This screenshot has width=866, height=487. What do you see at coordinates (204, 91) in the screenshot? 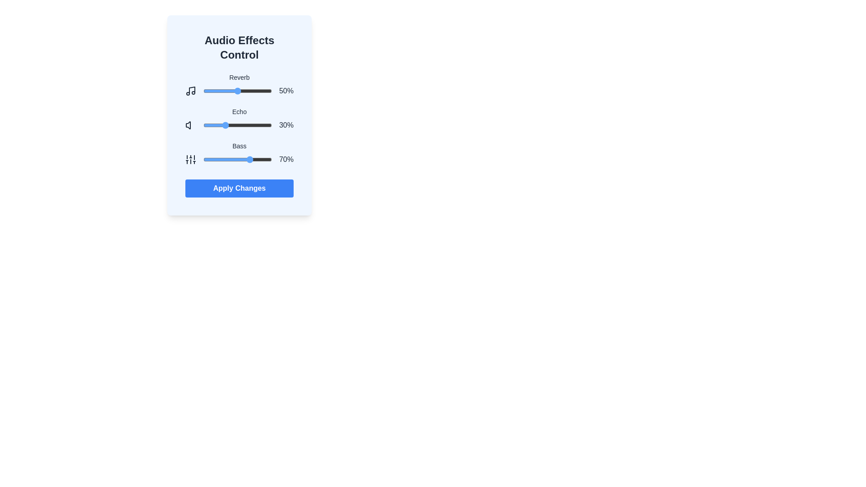
I see `the reverb effect` at bounding box center [204, 91].